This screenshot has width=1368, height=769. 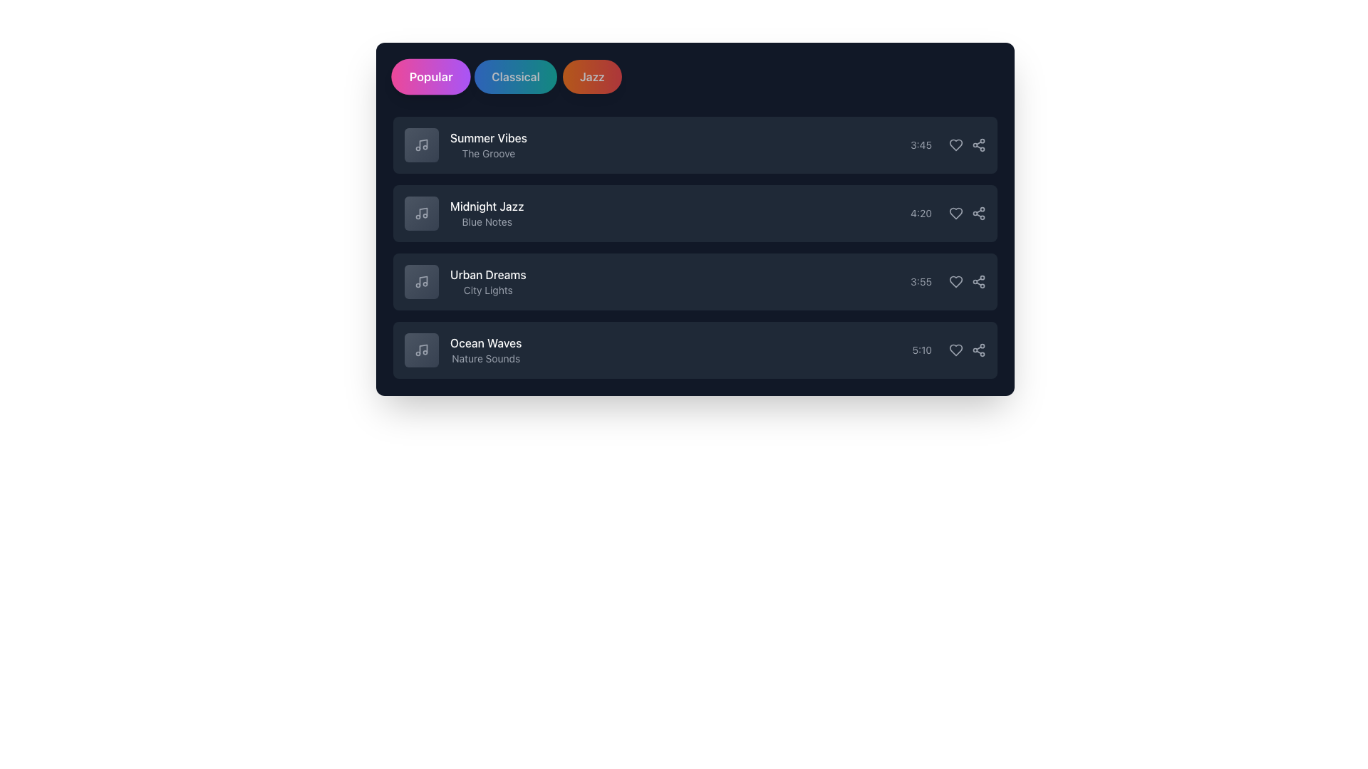 I want to click on the heart icon in the item row labeled 'Urban Dreams' to like the track, so click(x=956, y=282).